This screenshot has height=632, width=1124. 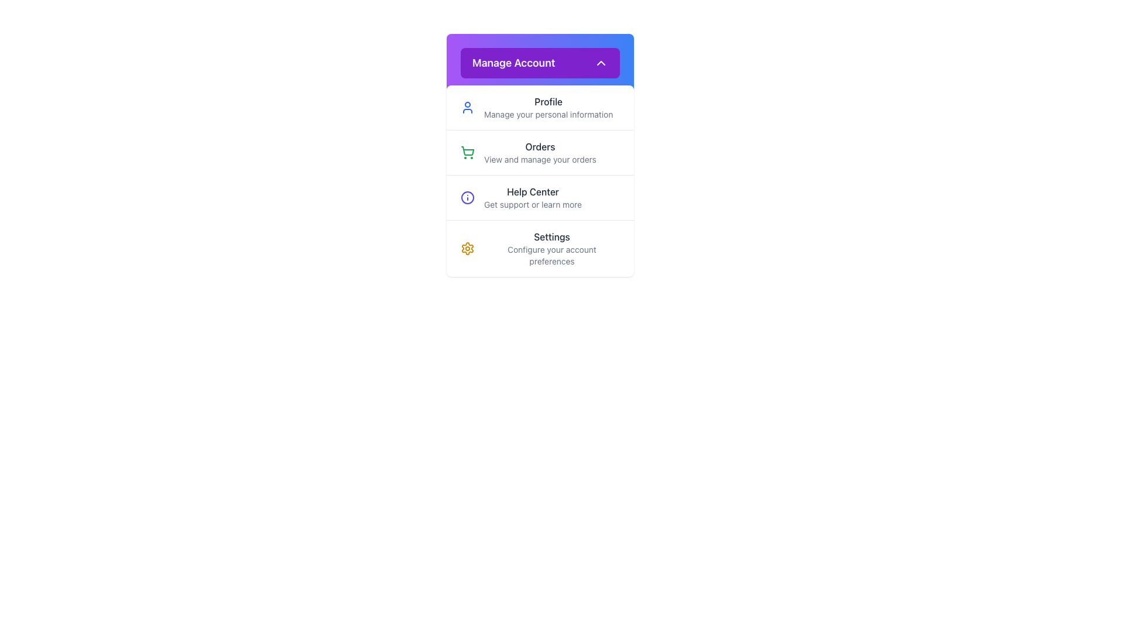 I want to click on the static Text Block that provides additional information for the 'Settings' section in the menu, located below the 'Settings' header, so click(x=551, y=255).